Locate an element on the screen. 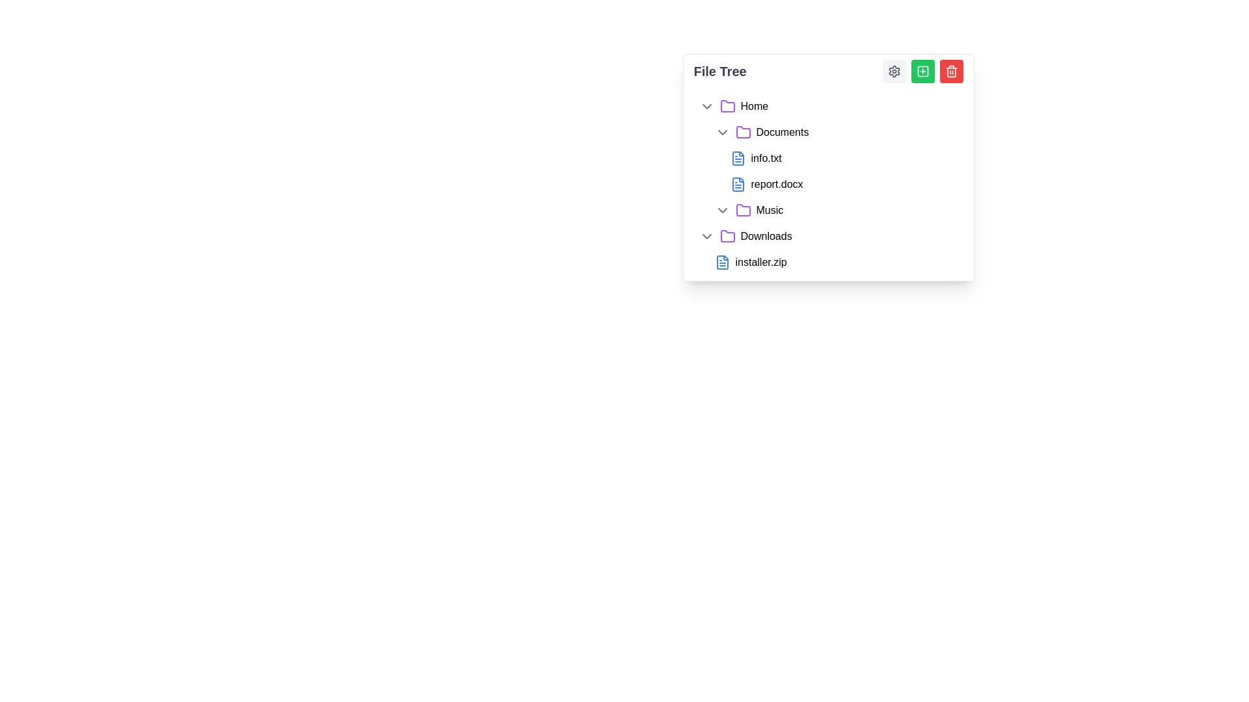 The image size is (1249, 702). the file name 'info.txt' in the file tree structure is located at coordinates (836, 157).